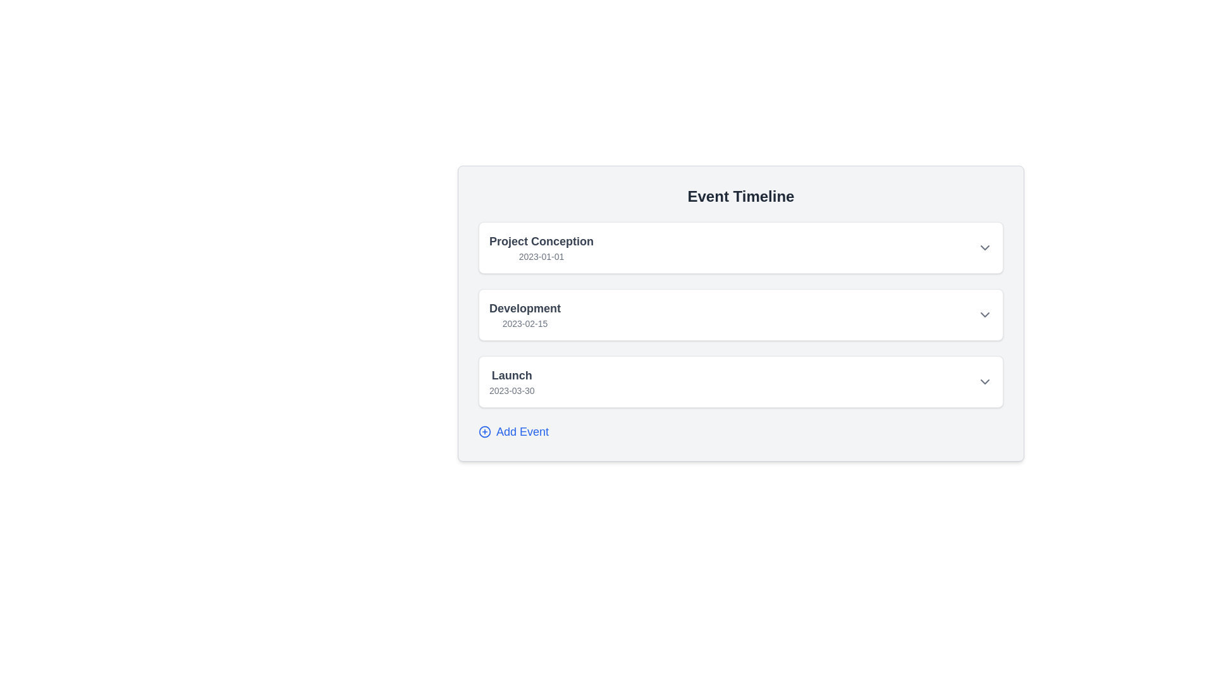  What do you see at coordinates (984, 314) in the screenshot?
I see `the gray chevron-down icon located to the far right of the 'Development' entry to trigger visual feedback` at bounding box center [984, 314].